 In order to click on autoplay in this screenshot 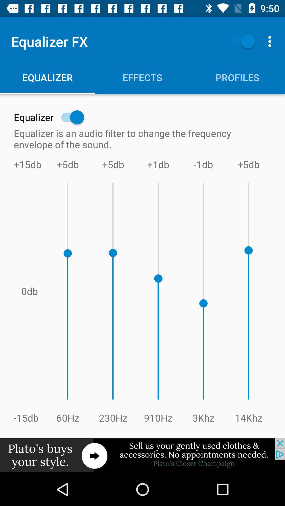, I will do `click(241, 41)`.